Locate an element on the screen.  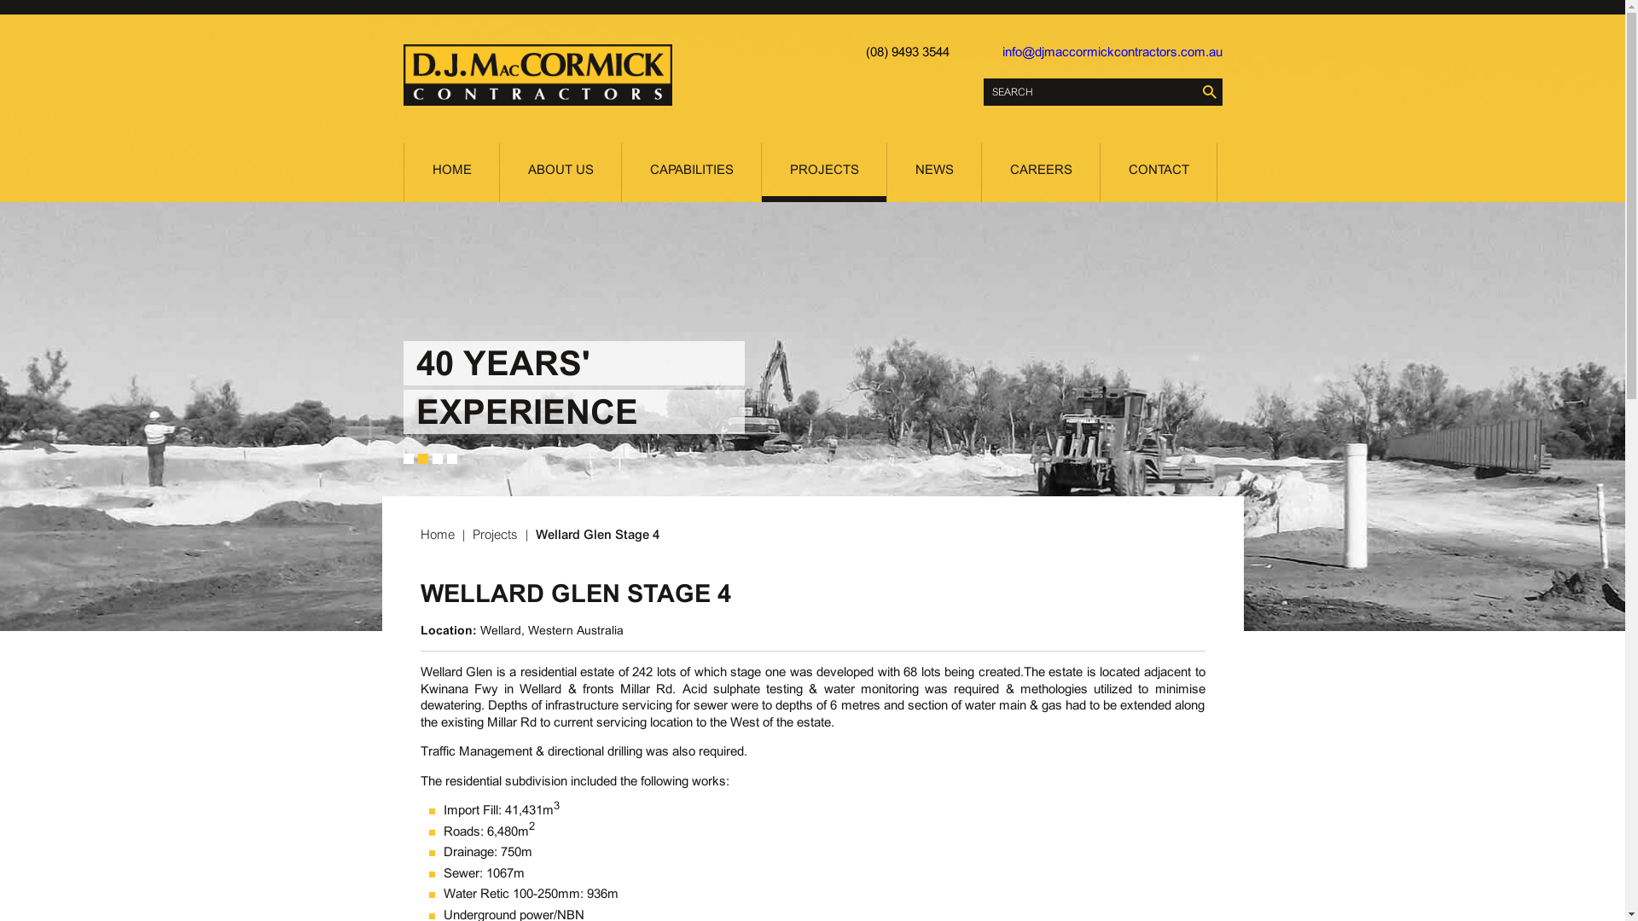
'Home' is located at coordinates (439, 533).